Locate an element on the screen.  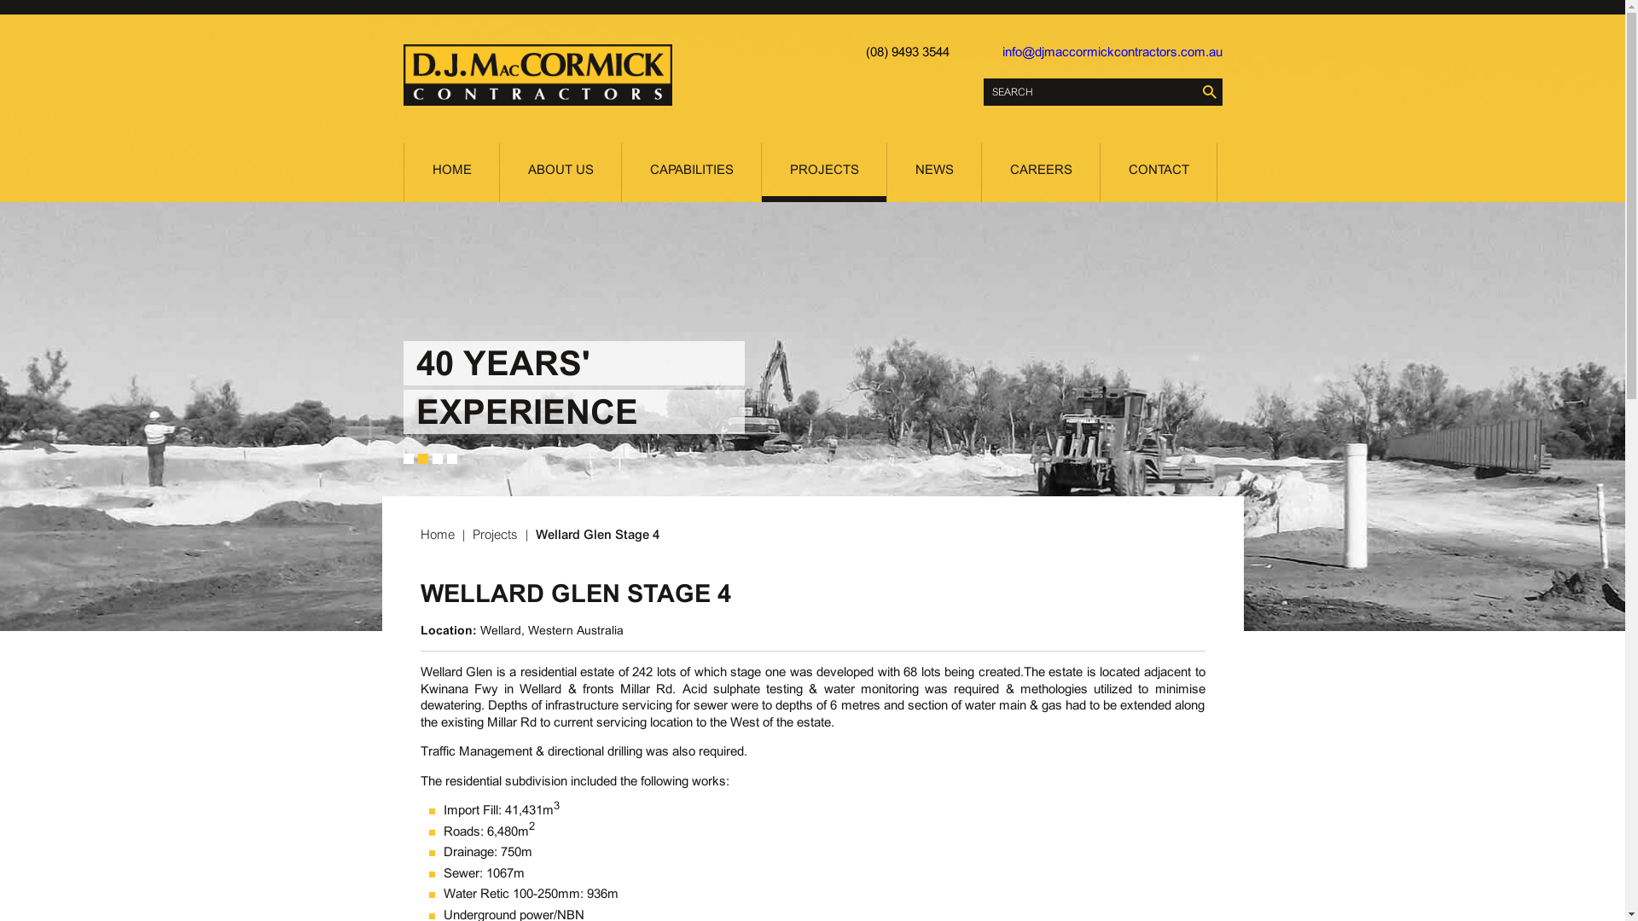
'Home' is located at coordinates (439, 533).